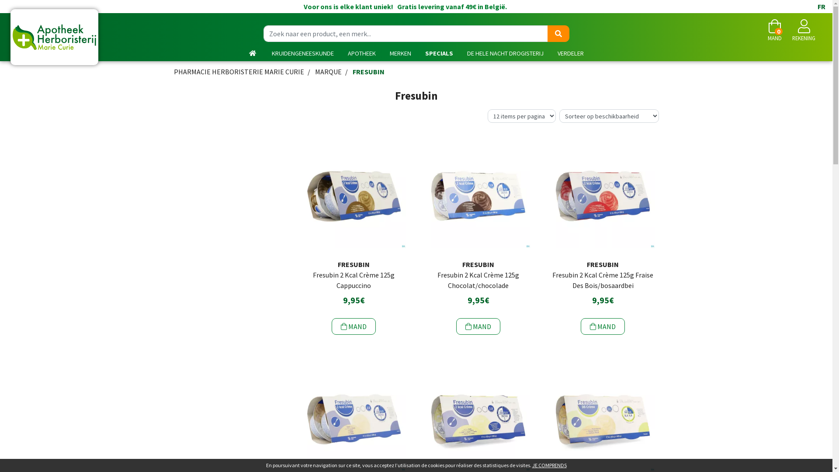 The width and height of the screenshot is (839, 472). I want to click on 'SPECIALS', so click(438, 54).